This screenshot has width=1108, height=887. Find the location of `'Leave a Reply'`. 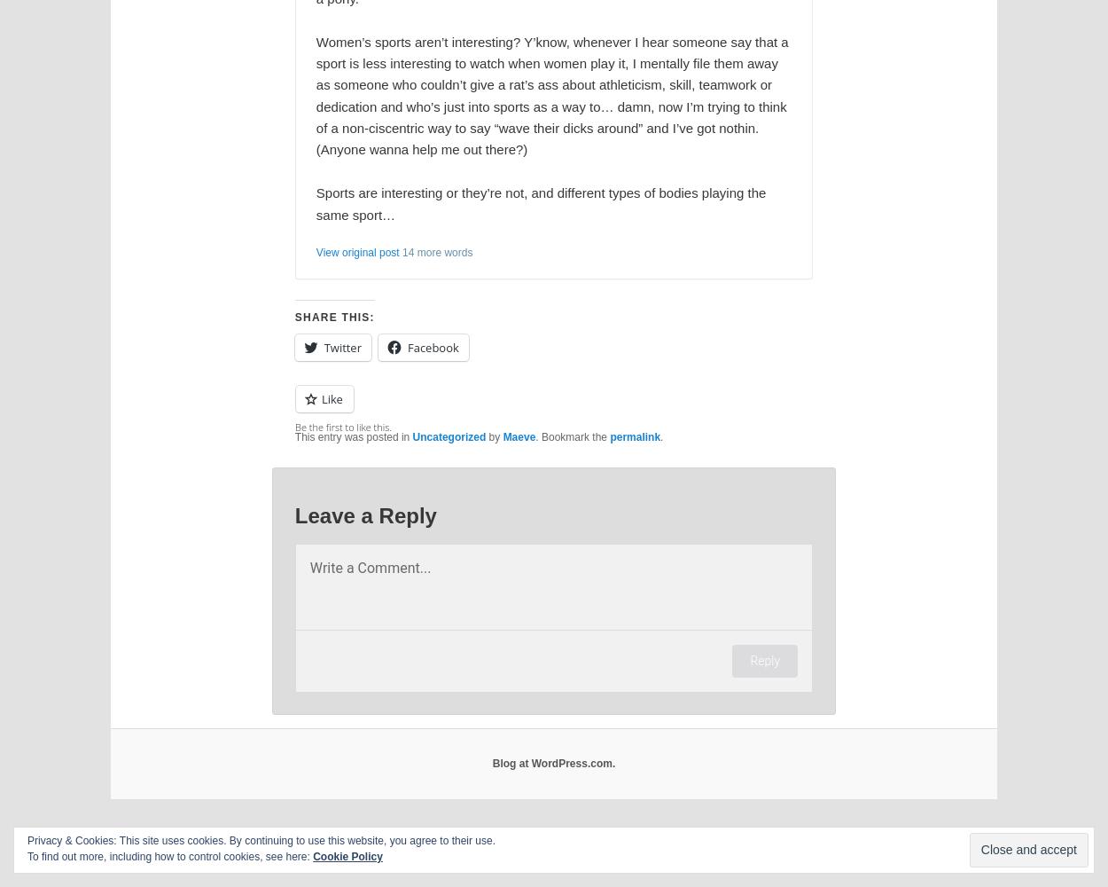

'Leave a Reply' is located at coordinates (293, 514).